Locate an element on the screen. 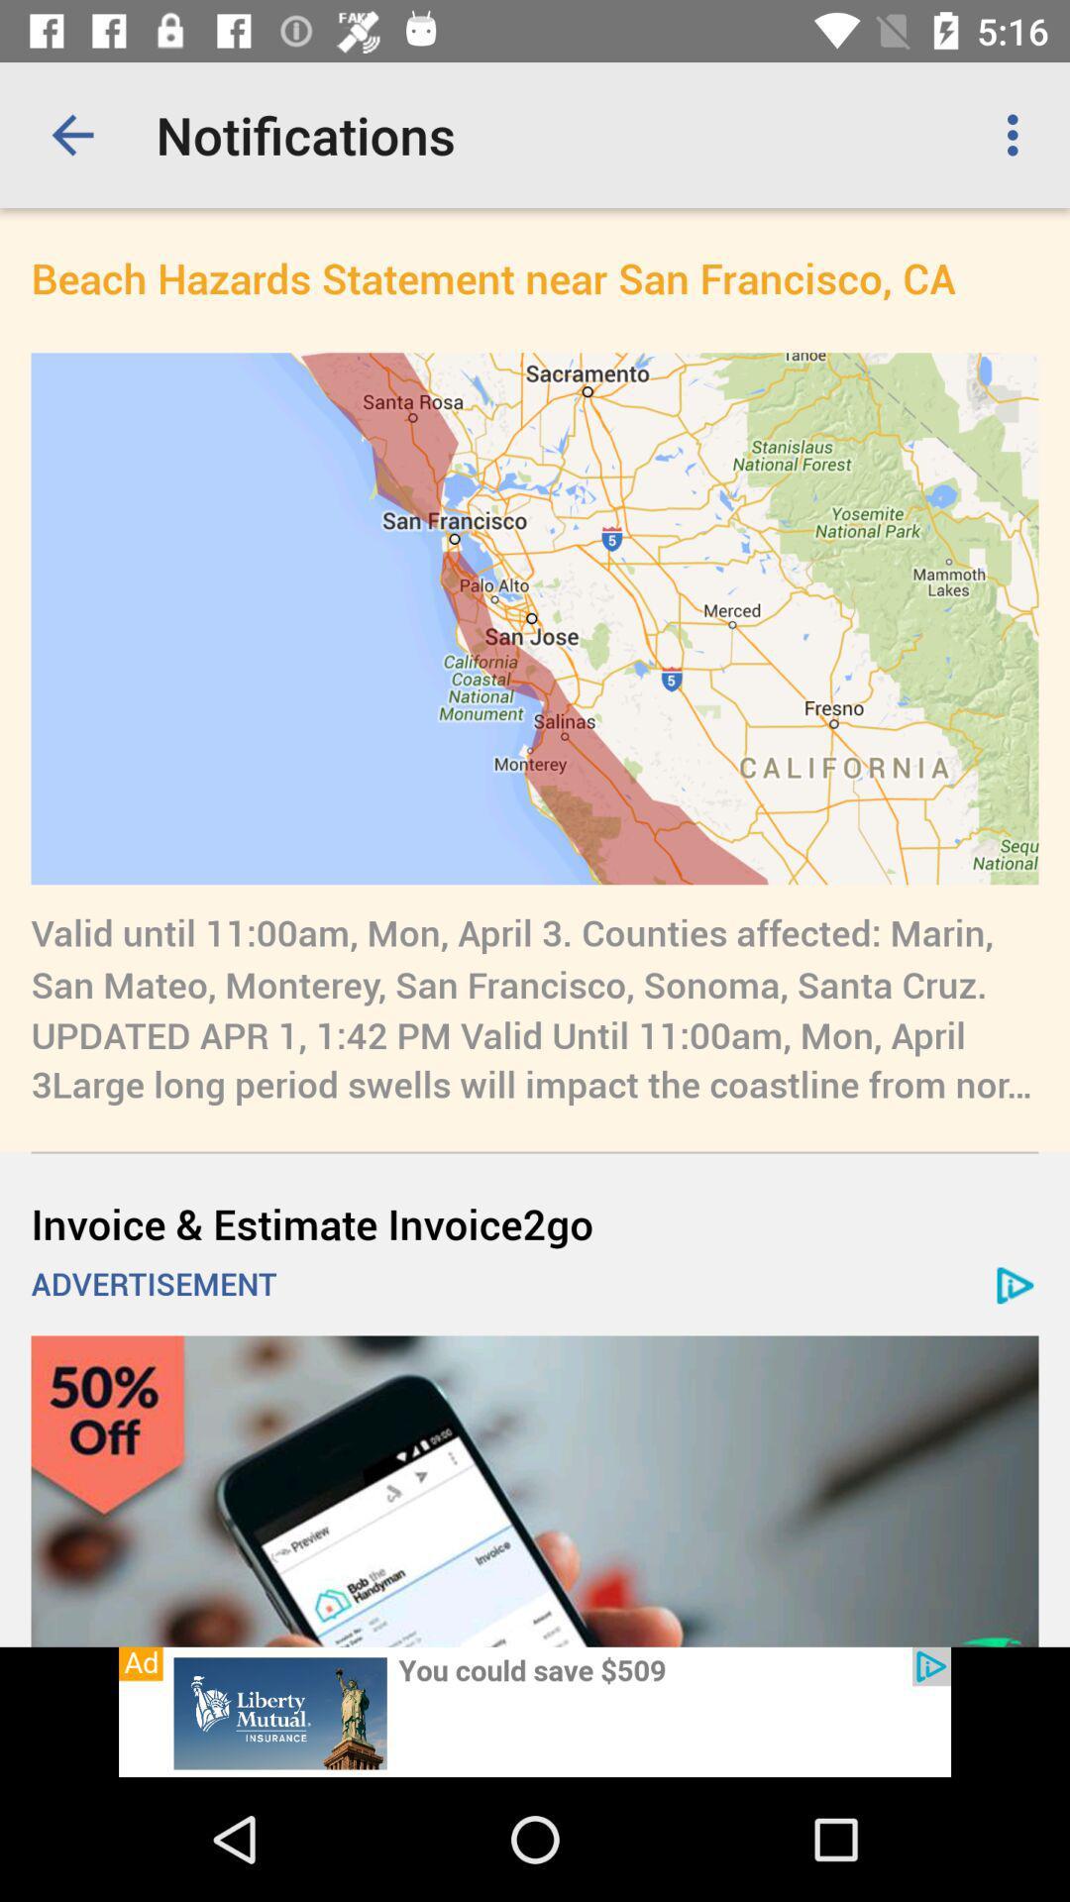  show advertisement is located at coordinates (535, 1711).